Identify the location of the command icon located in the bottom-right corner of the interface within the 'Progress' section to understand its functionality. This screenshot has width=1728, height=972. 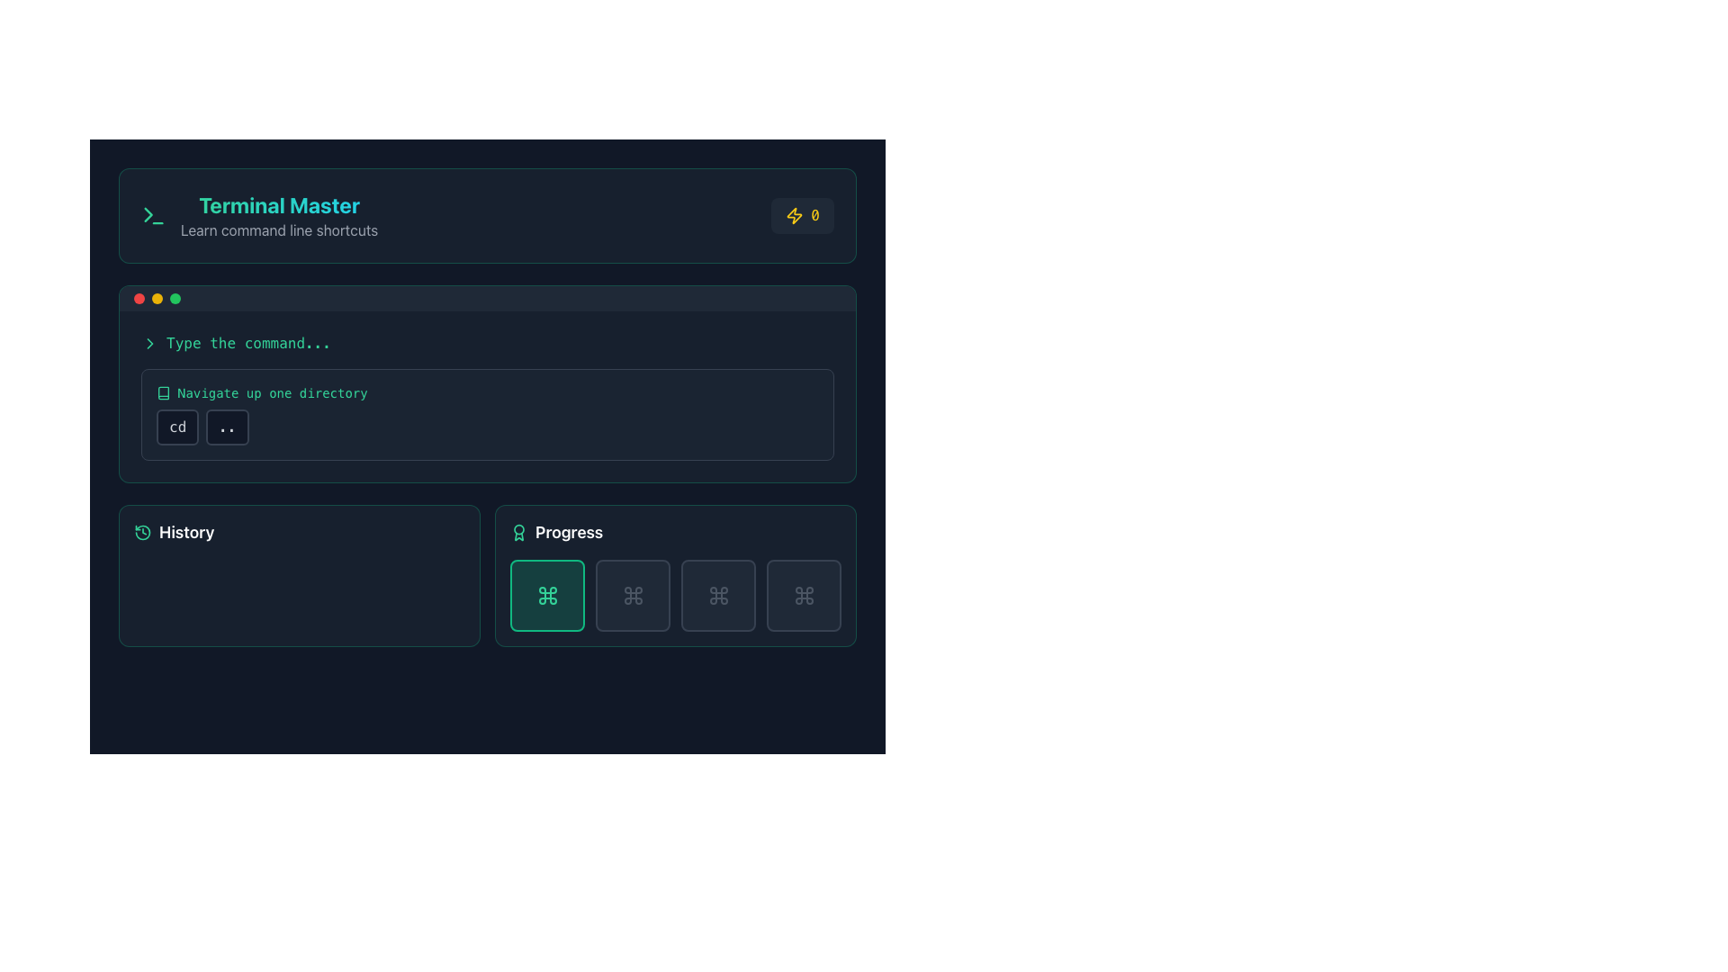
(633, 596).